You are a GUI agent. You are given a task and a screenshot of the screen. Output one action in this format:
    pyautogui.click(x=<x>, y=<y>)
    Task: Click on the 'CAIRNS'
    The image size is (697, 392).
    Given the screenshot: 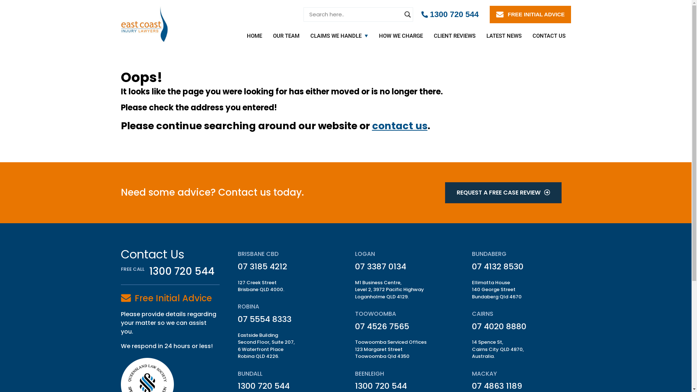 What is the action you would take?
    pyautogui.click(x=482, y=313)
    